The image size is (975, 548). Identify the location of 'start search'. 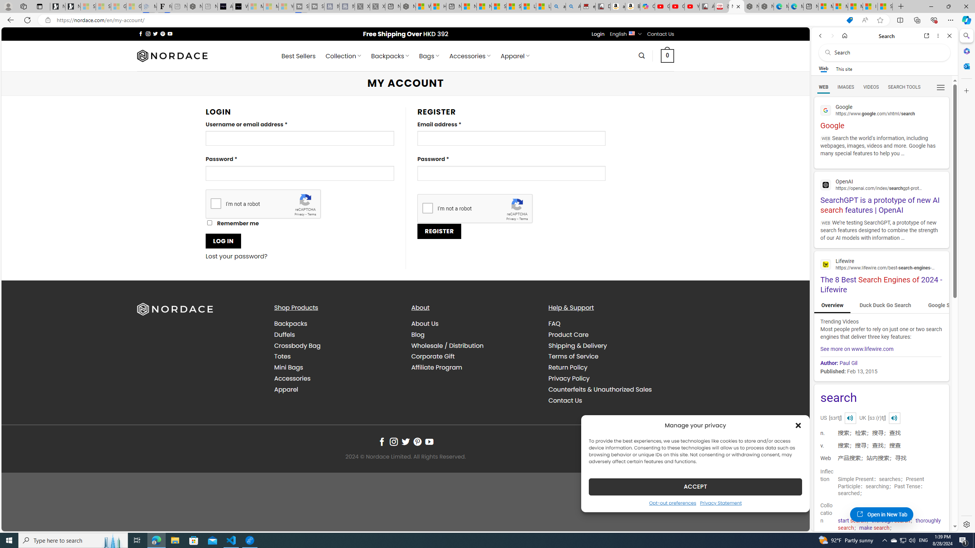
(852, 520).